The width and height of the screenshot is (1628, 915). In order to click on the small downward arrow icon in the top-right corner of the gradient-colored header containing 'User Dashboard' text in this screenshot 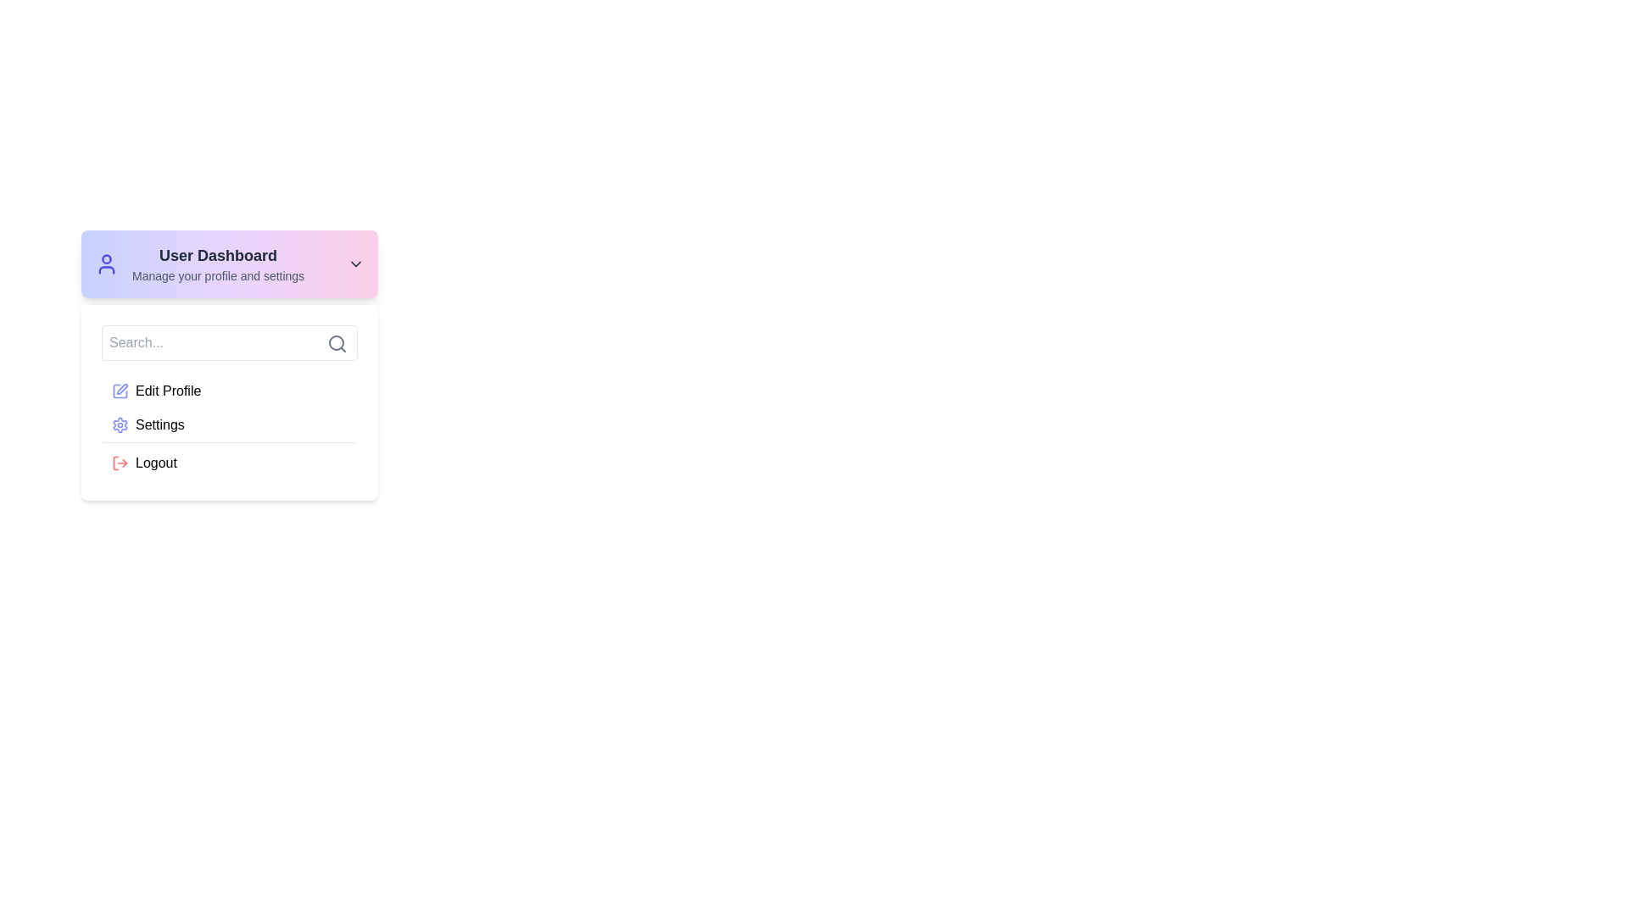, I will do `click(355, 264)`.